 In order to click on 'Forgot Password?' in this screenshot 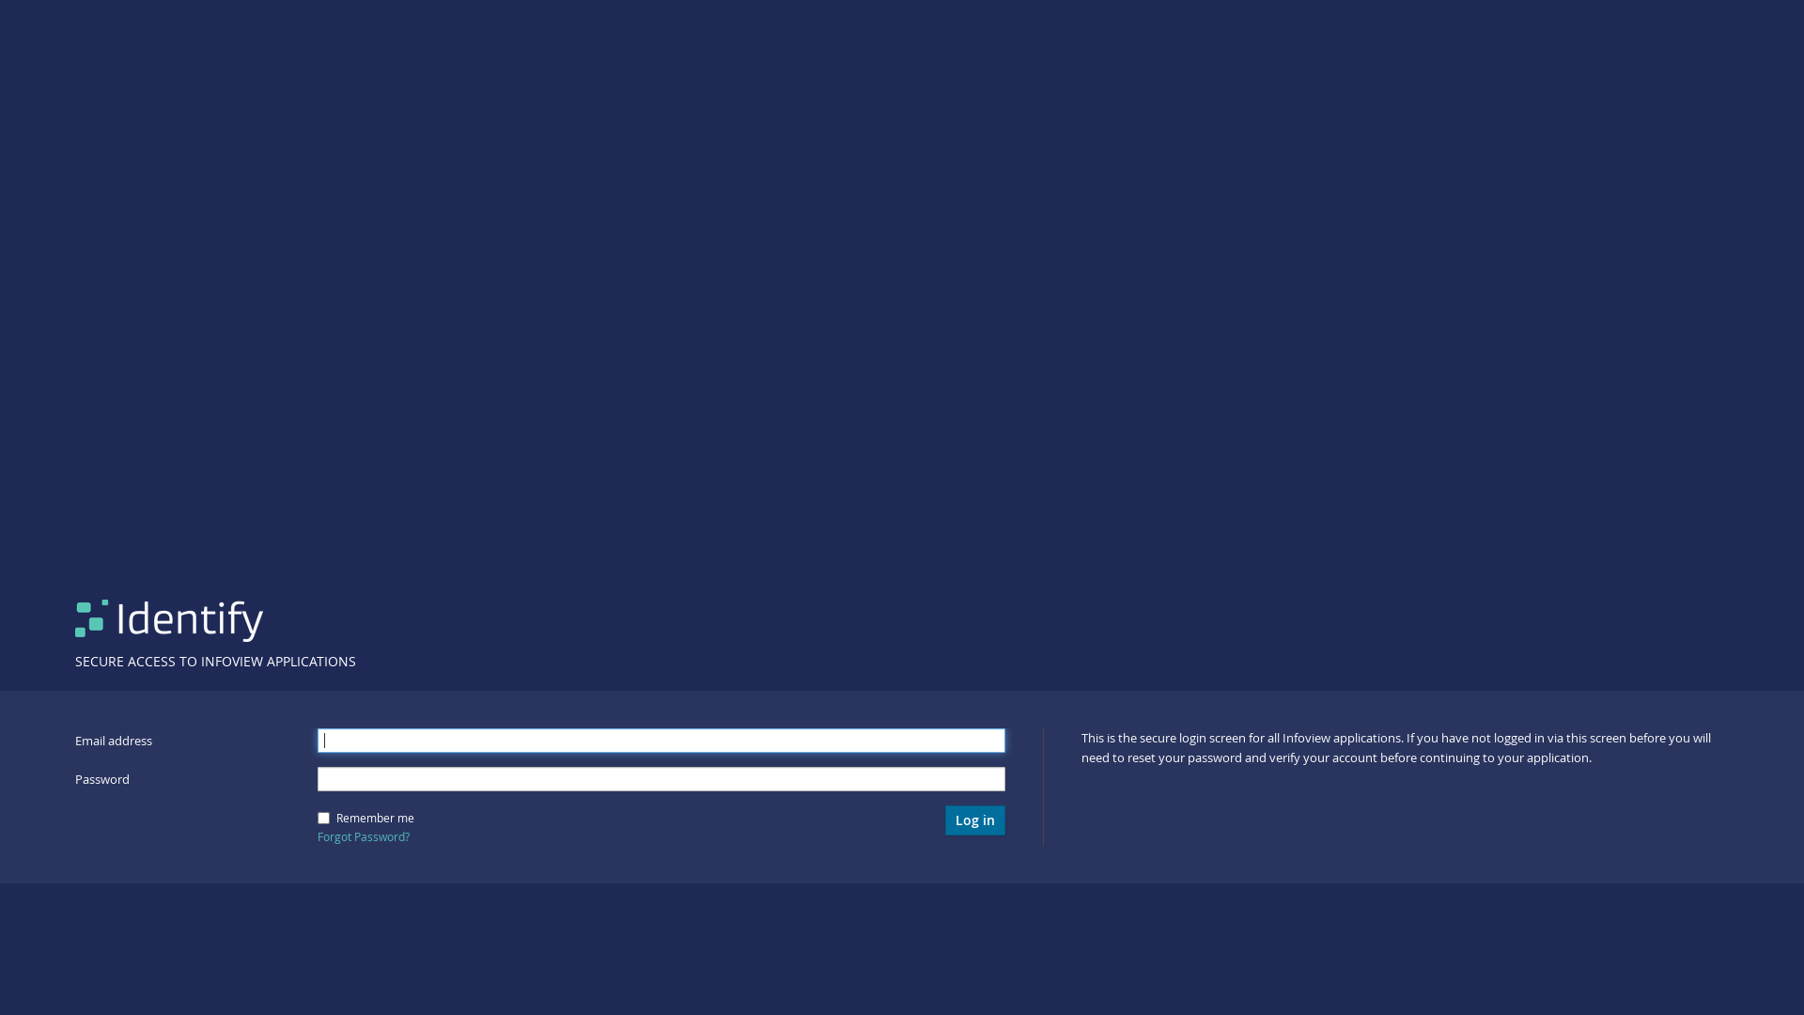, I will do `click(317, 835)`.